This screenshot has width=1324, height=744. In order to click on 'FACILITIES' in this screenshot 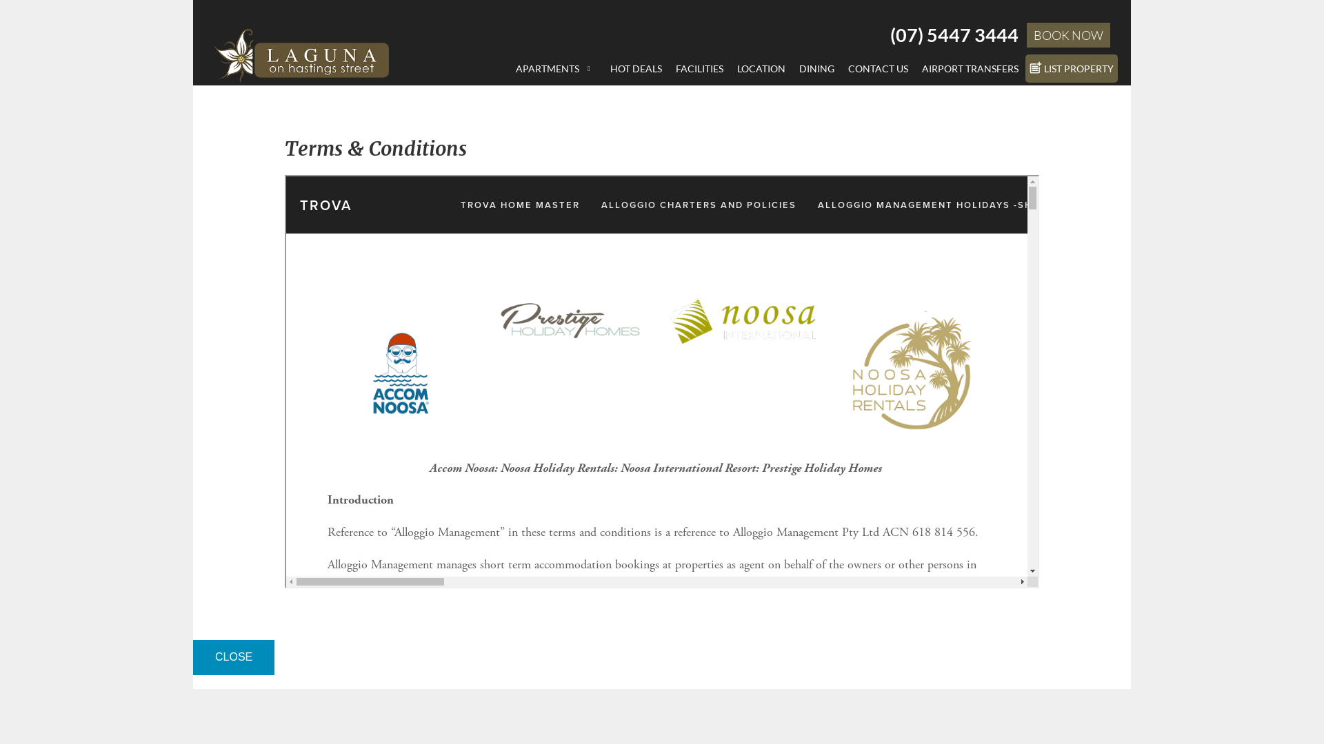, I will do `click(668, 68)`.